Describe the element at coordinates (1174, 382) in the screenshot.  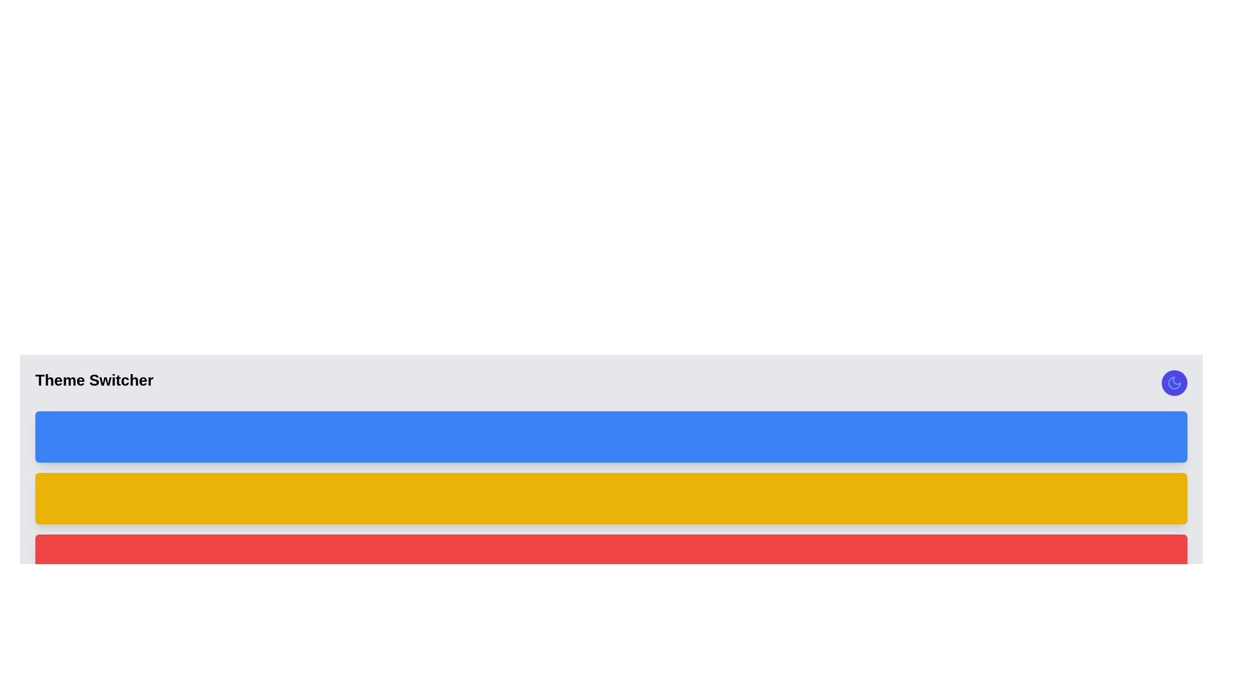
I see `the circular indigo button with a moon-shaped icon, located at the extreme right of the row next to the 'Theme Switcher' text` at that location.